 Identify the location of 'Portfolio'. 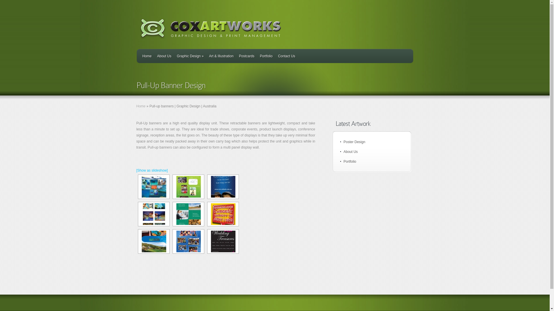
(260, 56).